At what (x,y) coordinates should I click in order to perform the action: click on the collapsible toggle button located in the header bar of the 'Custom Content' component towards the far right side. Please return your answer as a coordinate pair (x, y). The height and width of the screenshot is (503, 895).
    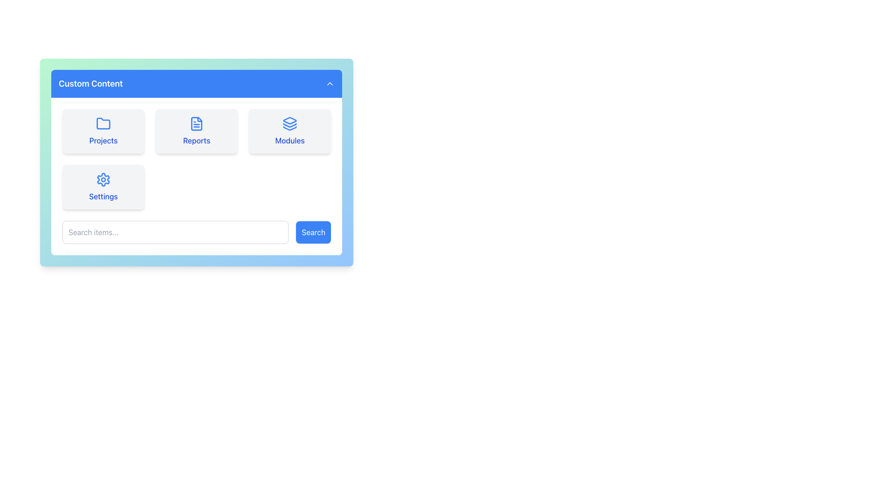
    Looking at the image, I should click on (330, 84).